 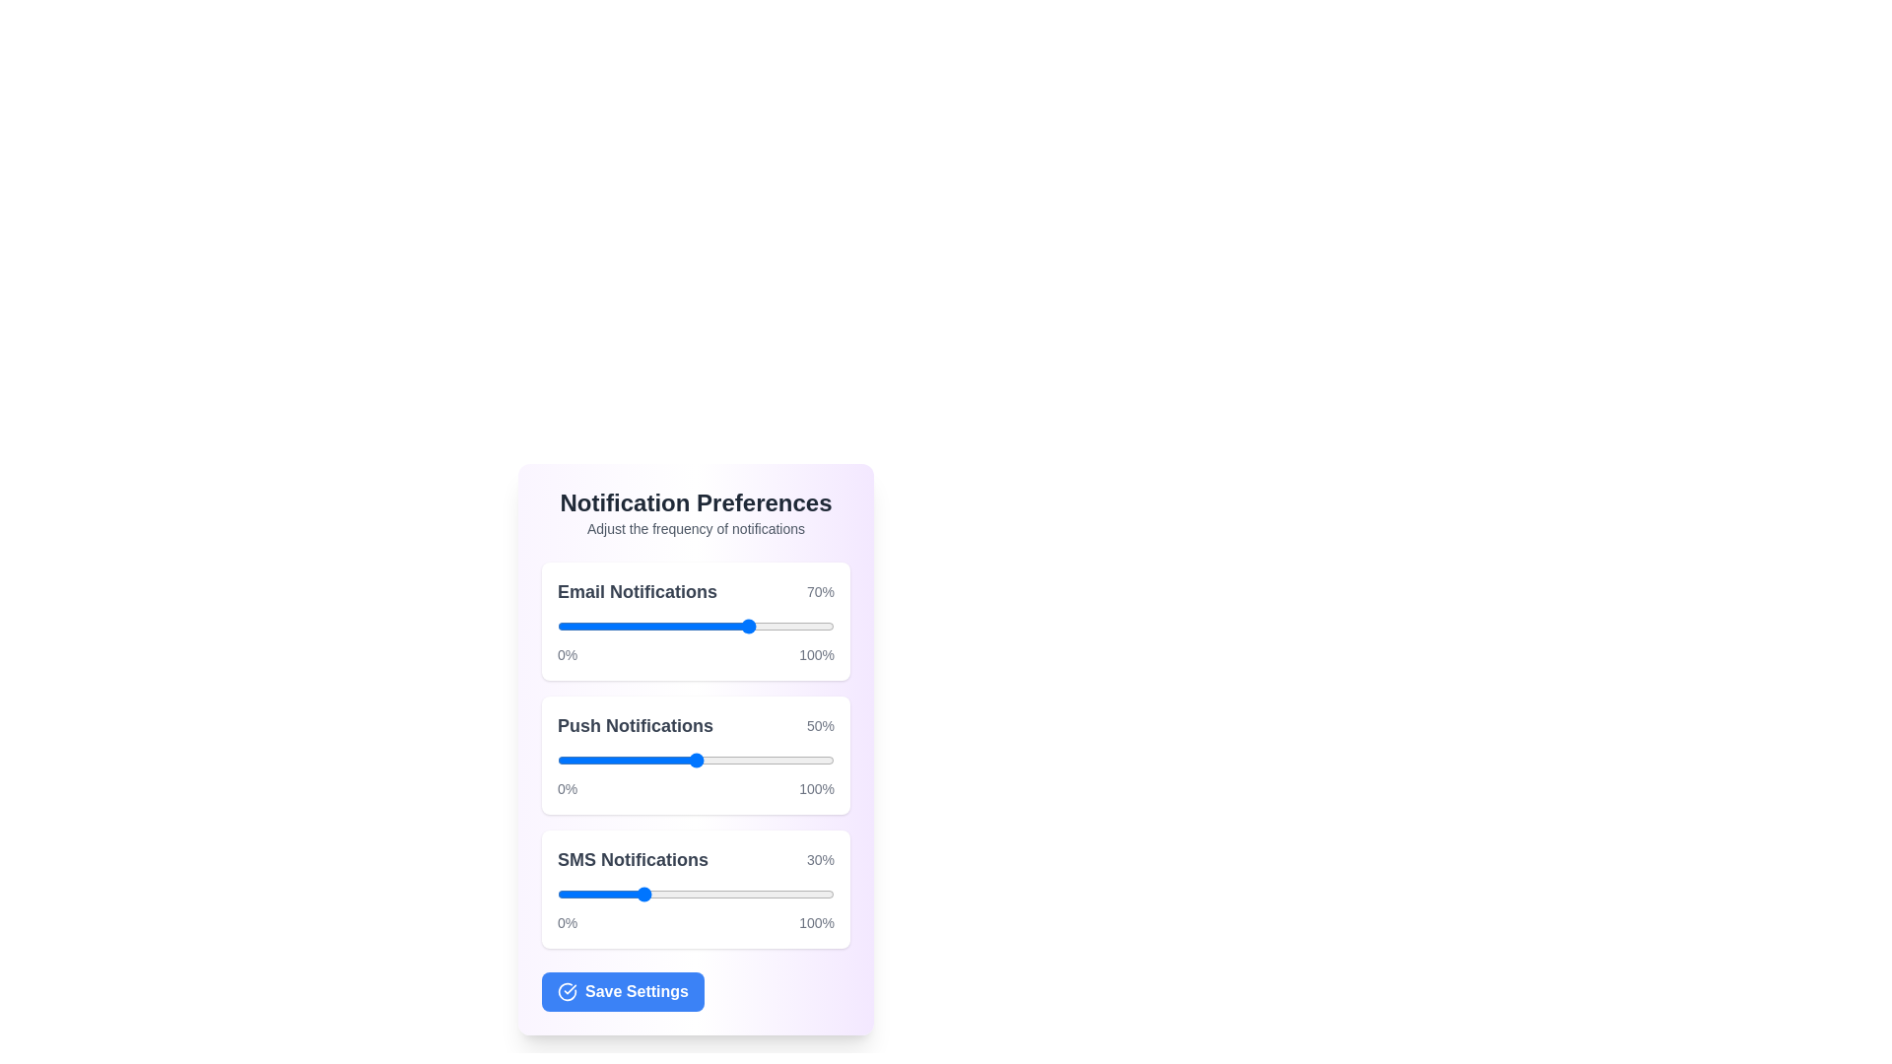 What do you see at coordinates (696, 788) in the screenshot?
I see `the static label displaying '0%' and '100%' aligned horizontally, located below the slider in the 'Push Notifications' panel` at bounding box center [696, 788].